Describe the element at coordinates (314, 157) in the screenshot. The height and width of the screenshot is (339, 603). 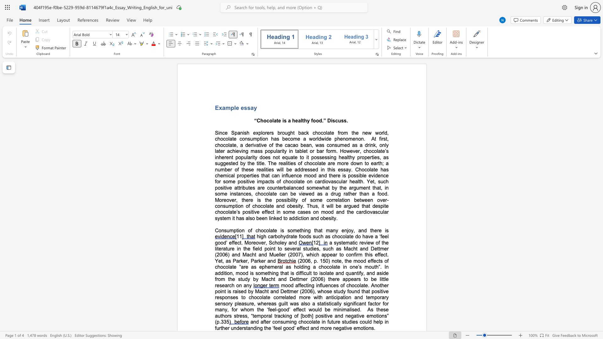
I see `the subset text "os" within the text "possessing"` at that location.